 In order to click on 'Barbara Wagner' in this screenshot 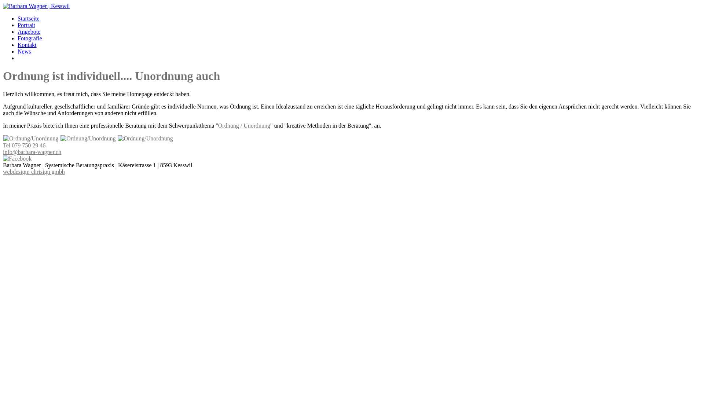, I will do `click(36, 6)`.